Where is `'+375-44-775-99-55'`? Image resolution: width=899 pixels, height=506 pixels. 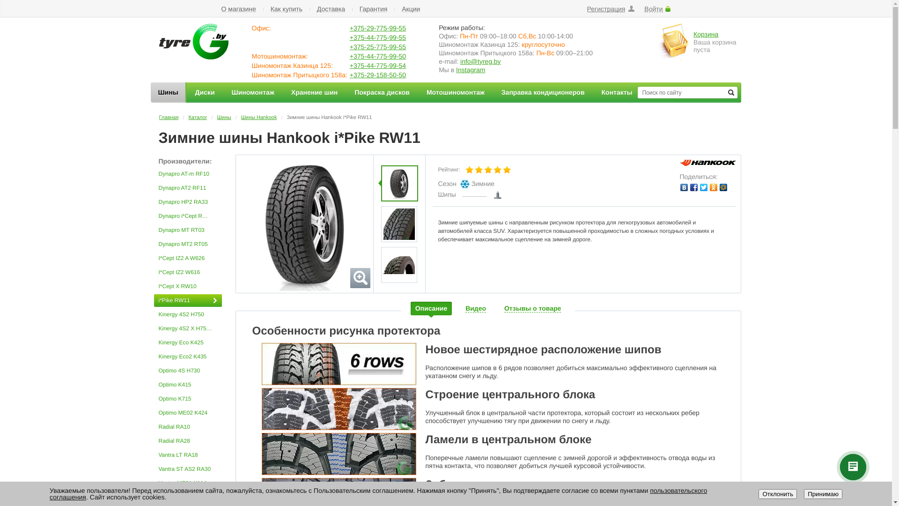
'+375-44-775-99-55' is located at coordinates (377, 37).